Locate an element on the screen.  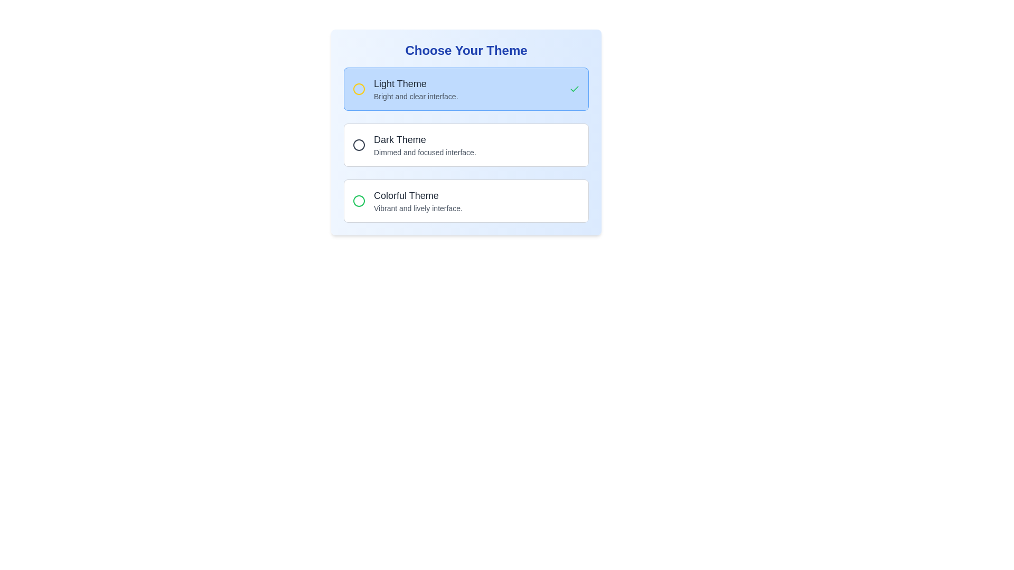
the third selectable theme option for customizing the application's interface appearance, positioned below the 'Dark Theme' option is located at coordinates (418, 201).